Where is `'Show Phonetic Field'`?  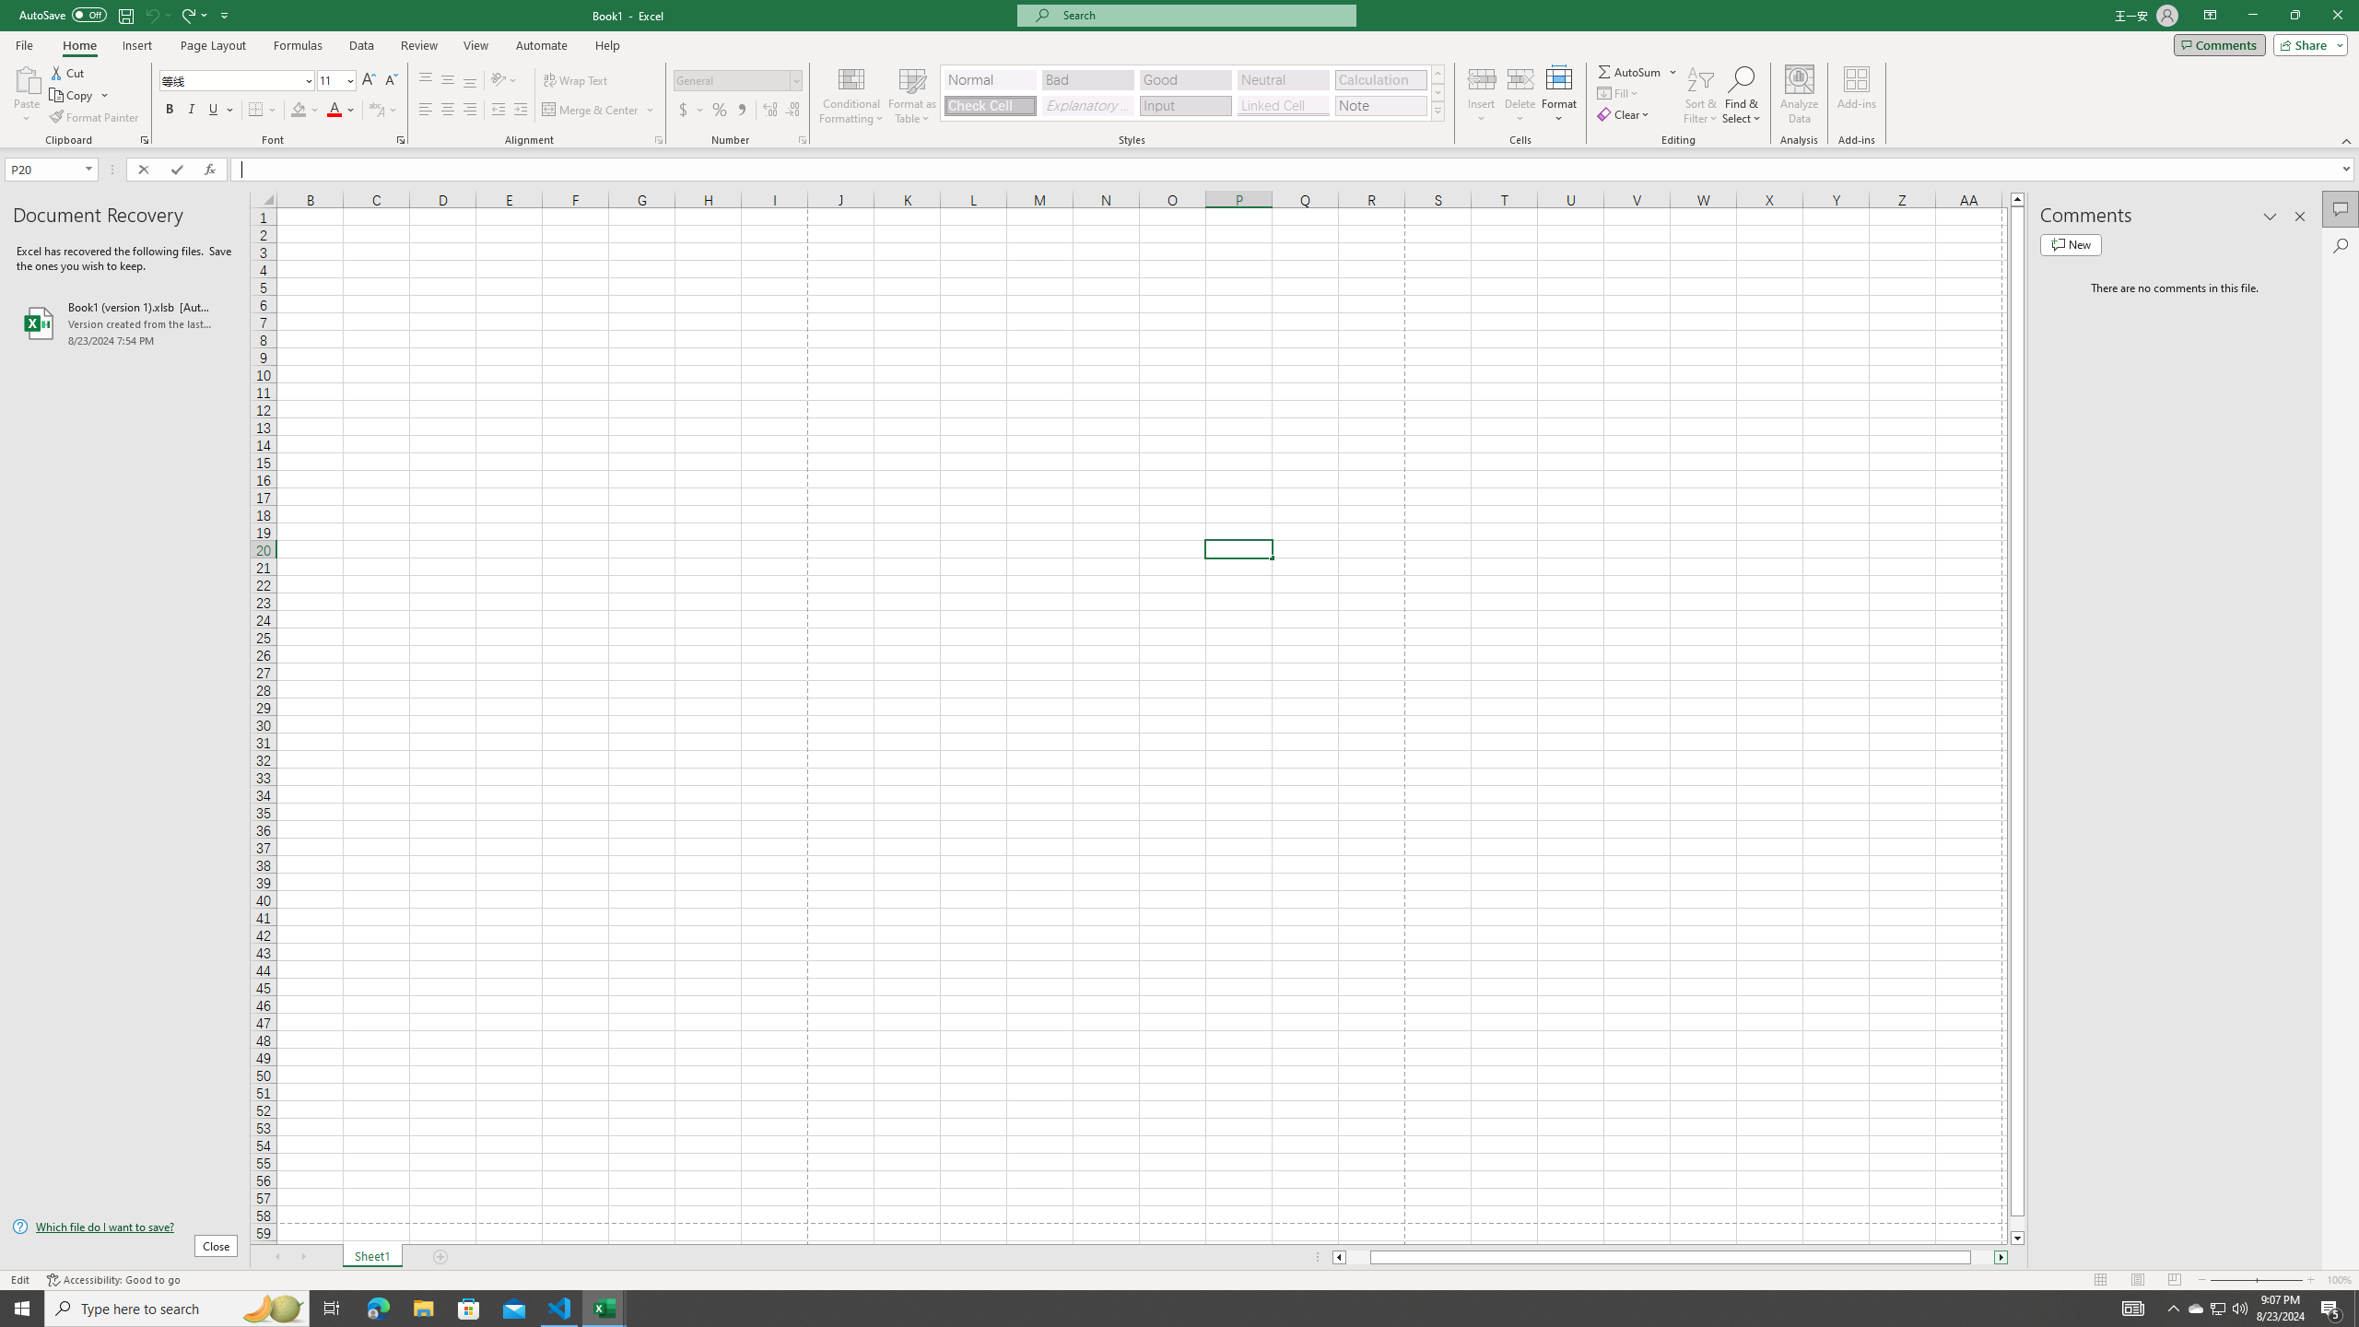 'Show Phonetic Field' is located at coordinates (382, 109).